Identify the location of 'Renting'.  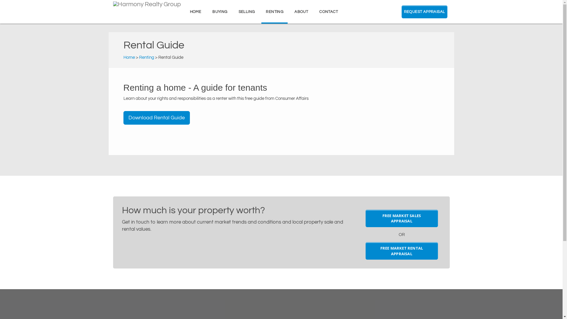
(146, 57).